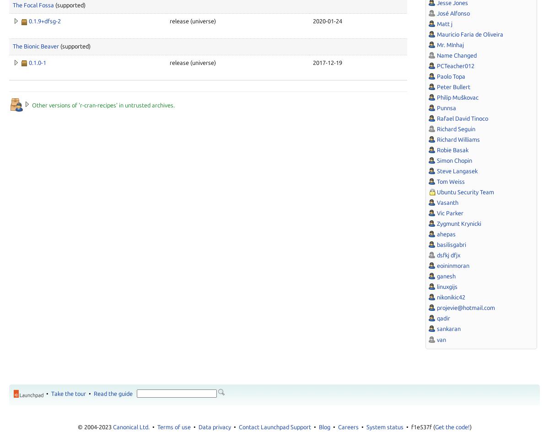 The image size is (549, 437). What do you see at coordinates (443, 318) in the screenshot?
I see `'qadir'` at bounding box center [443, 318].